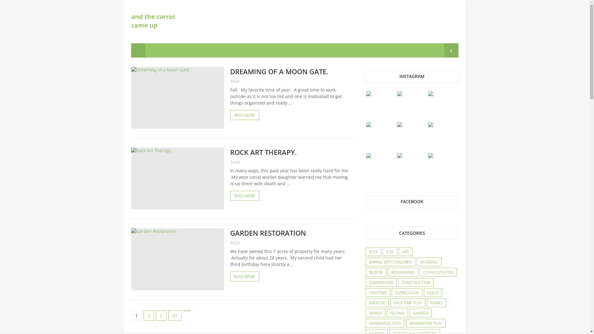  Describe the element at coordinates (365, 262) in the screenshot. I see `'BAKING WITH CHILDREN'` at that location.